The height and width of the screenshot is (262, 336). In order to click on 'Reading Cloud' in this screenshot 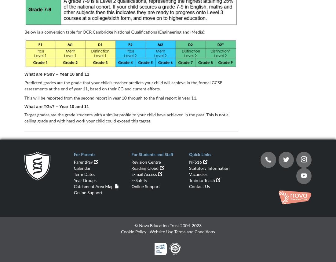, I will do `click(145, 169)`.